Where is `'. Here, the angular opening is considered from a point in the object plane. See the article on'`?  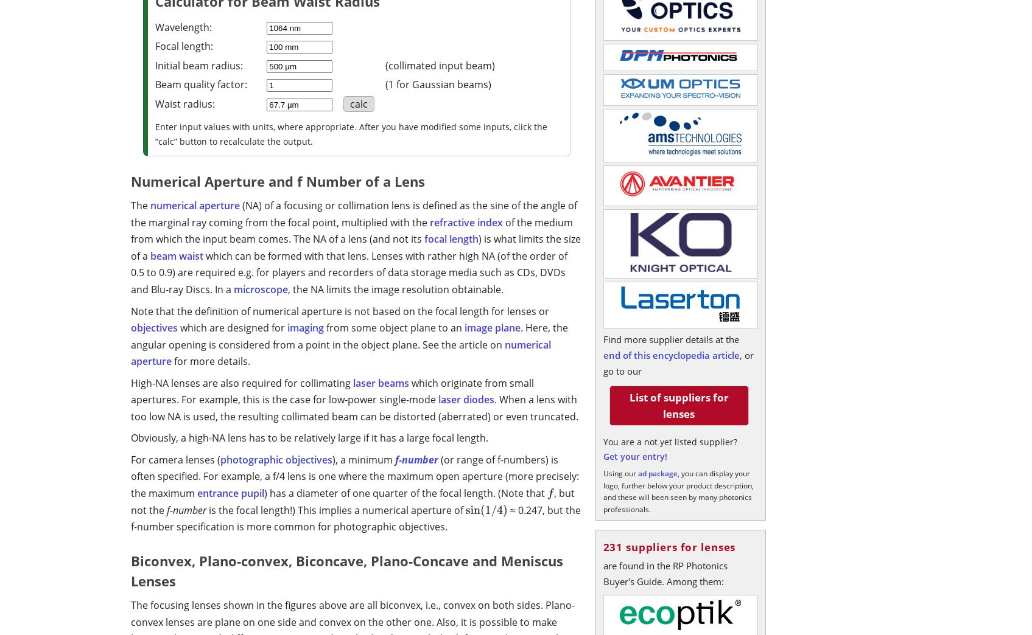 '. Here, the angular opening is considered from a point in the object plane. See the article on' is located at coordinates (349, 335).